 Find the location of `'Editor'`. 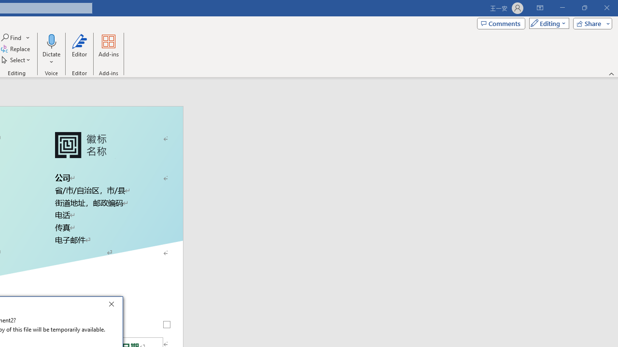

'Editor' is located at coordinates (79, 50).